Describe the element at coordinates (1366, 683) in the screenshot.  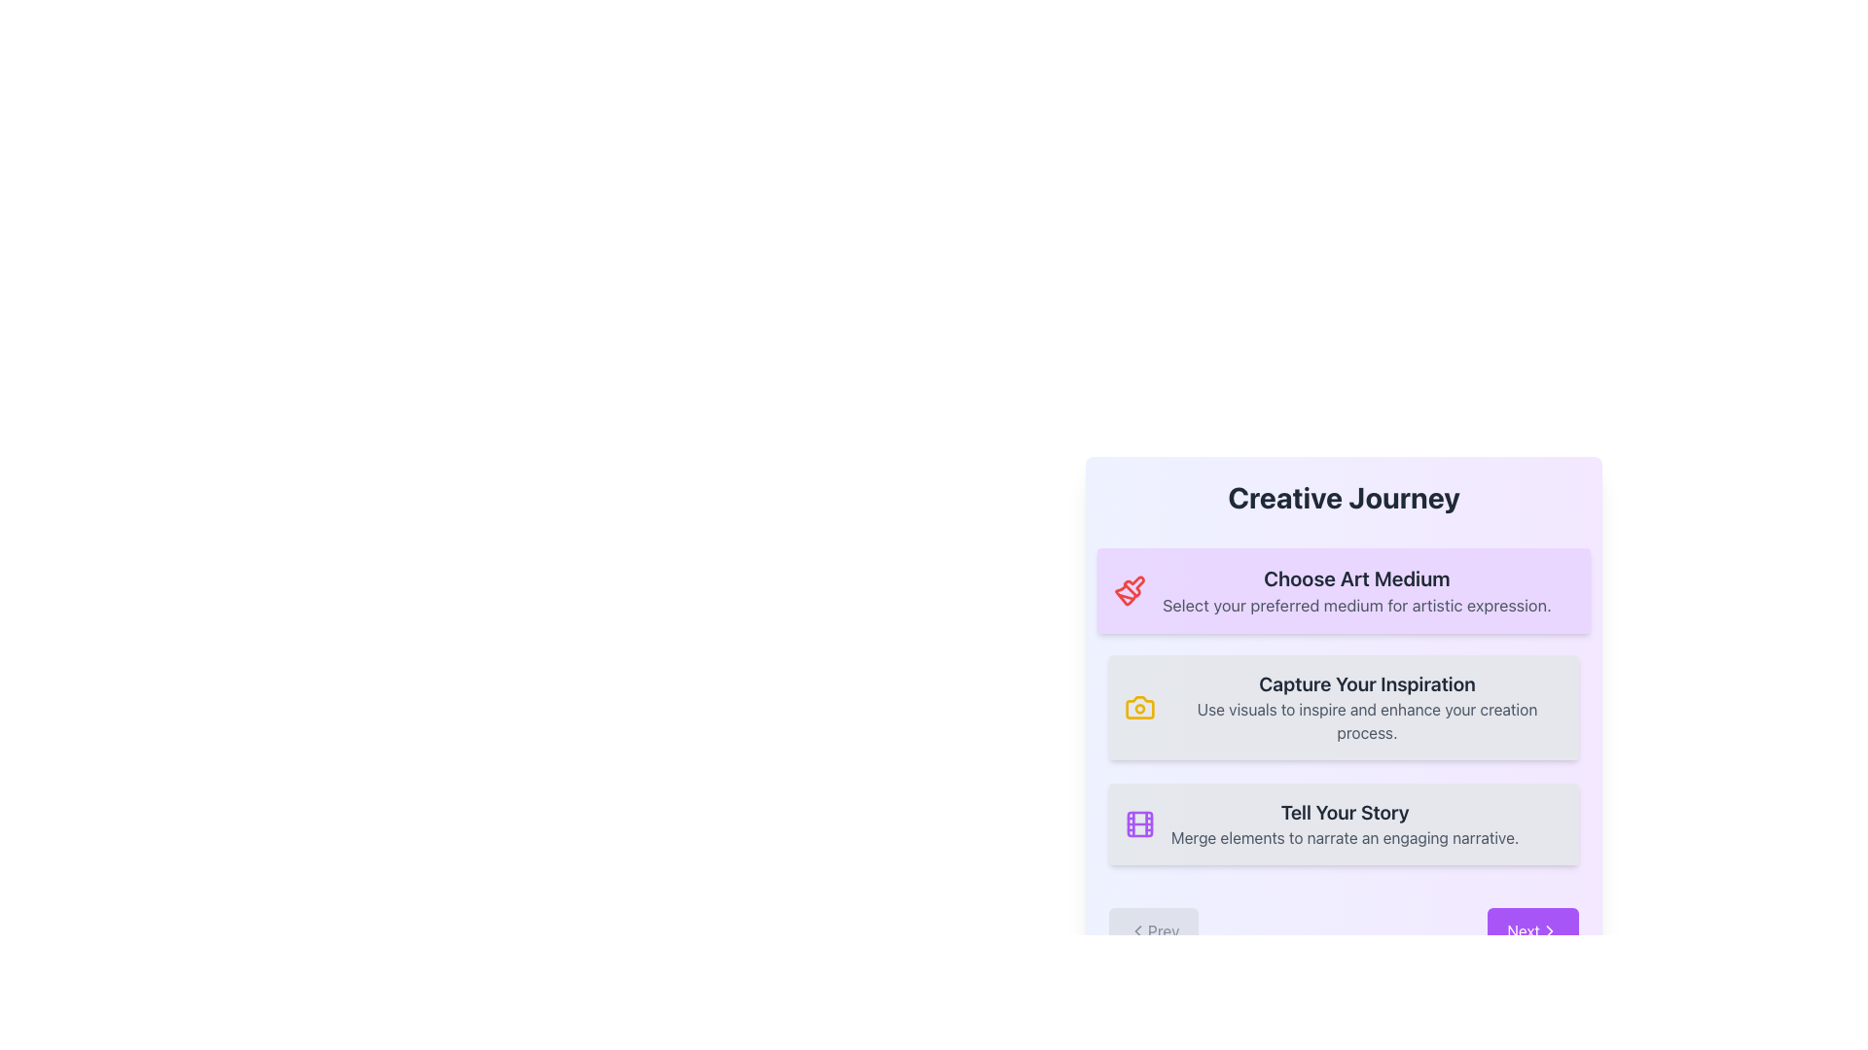
I see `the static text header 'Capture Your Inspiration' which is located in the second section of a vertical list, accompanied by a yellow camera icon on the left` at that location.